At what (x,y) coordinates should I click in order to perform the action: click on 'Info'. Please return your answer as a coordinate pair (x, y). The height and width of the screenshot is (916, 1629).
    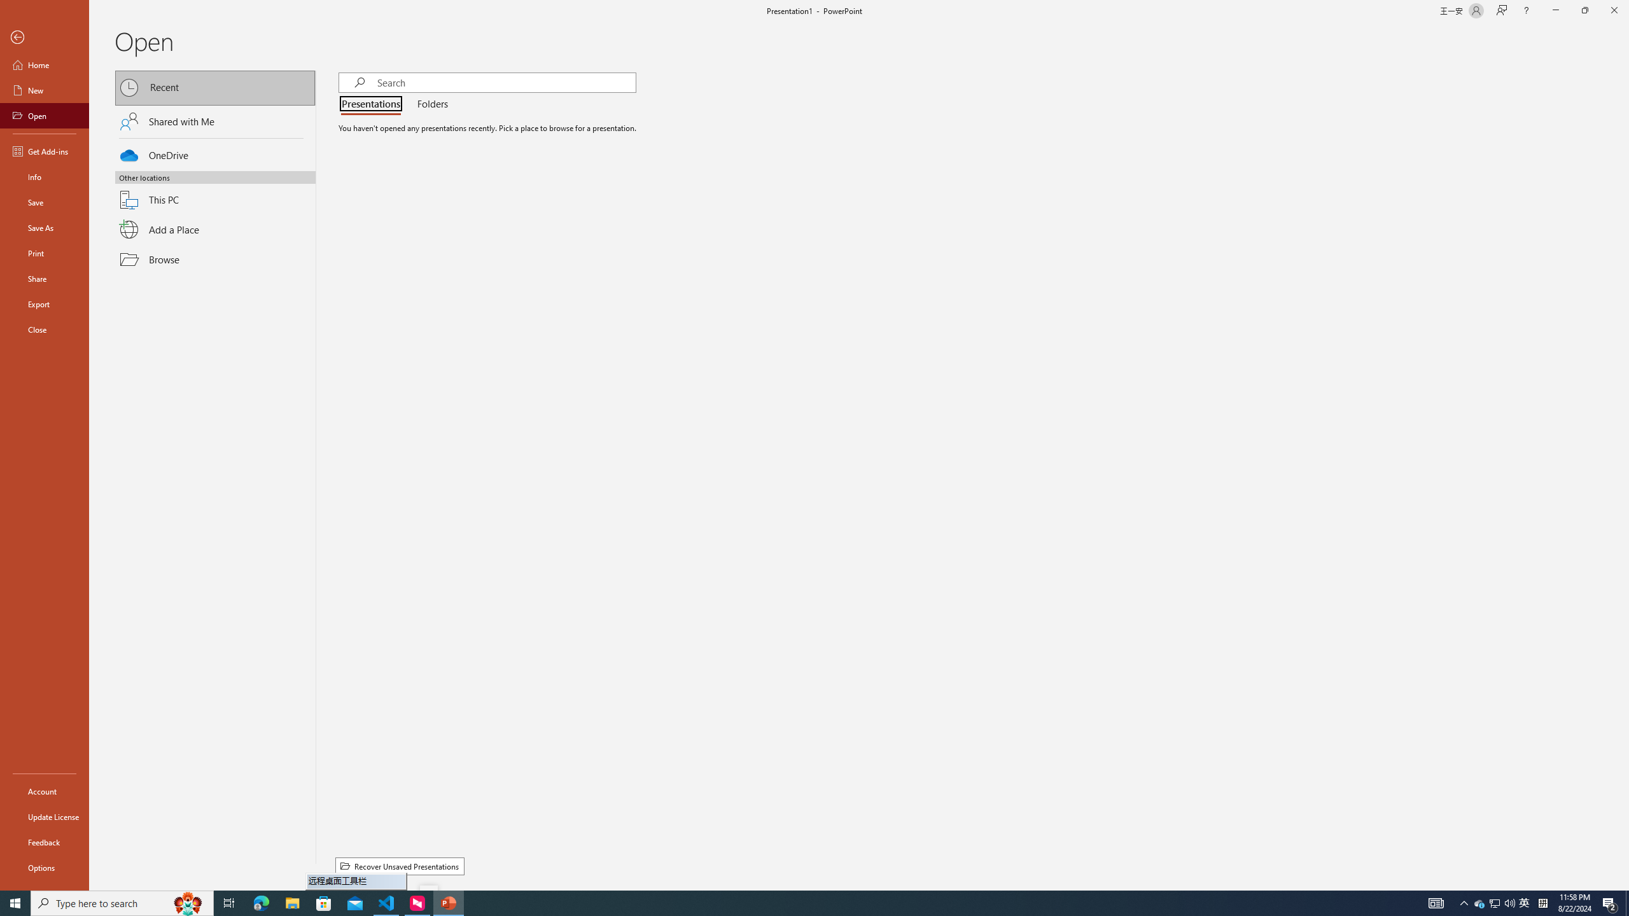
    Looking at the image, I should click on (44, 176).